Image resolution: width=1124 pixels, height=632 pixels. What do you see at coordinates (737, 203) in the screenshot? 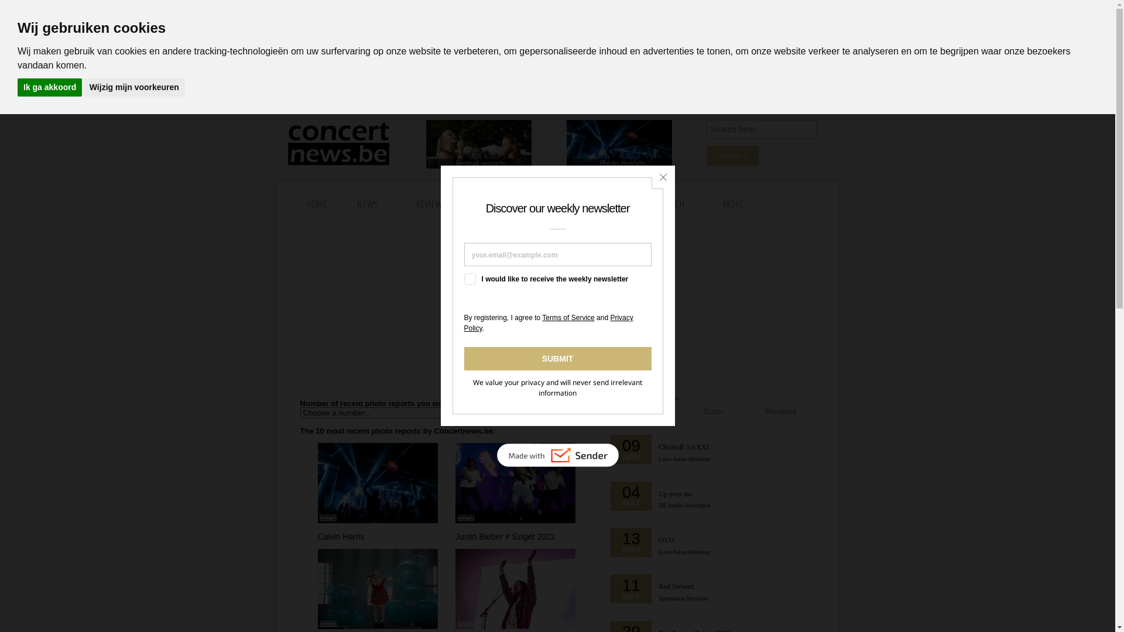
I see `'MORE'` at bounding box center [737, 203].